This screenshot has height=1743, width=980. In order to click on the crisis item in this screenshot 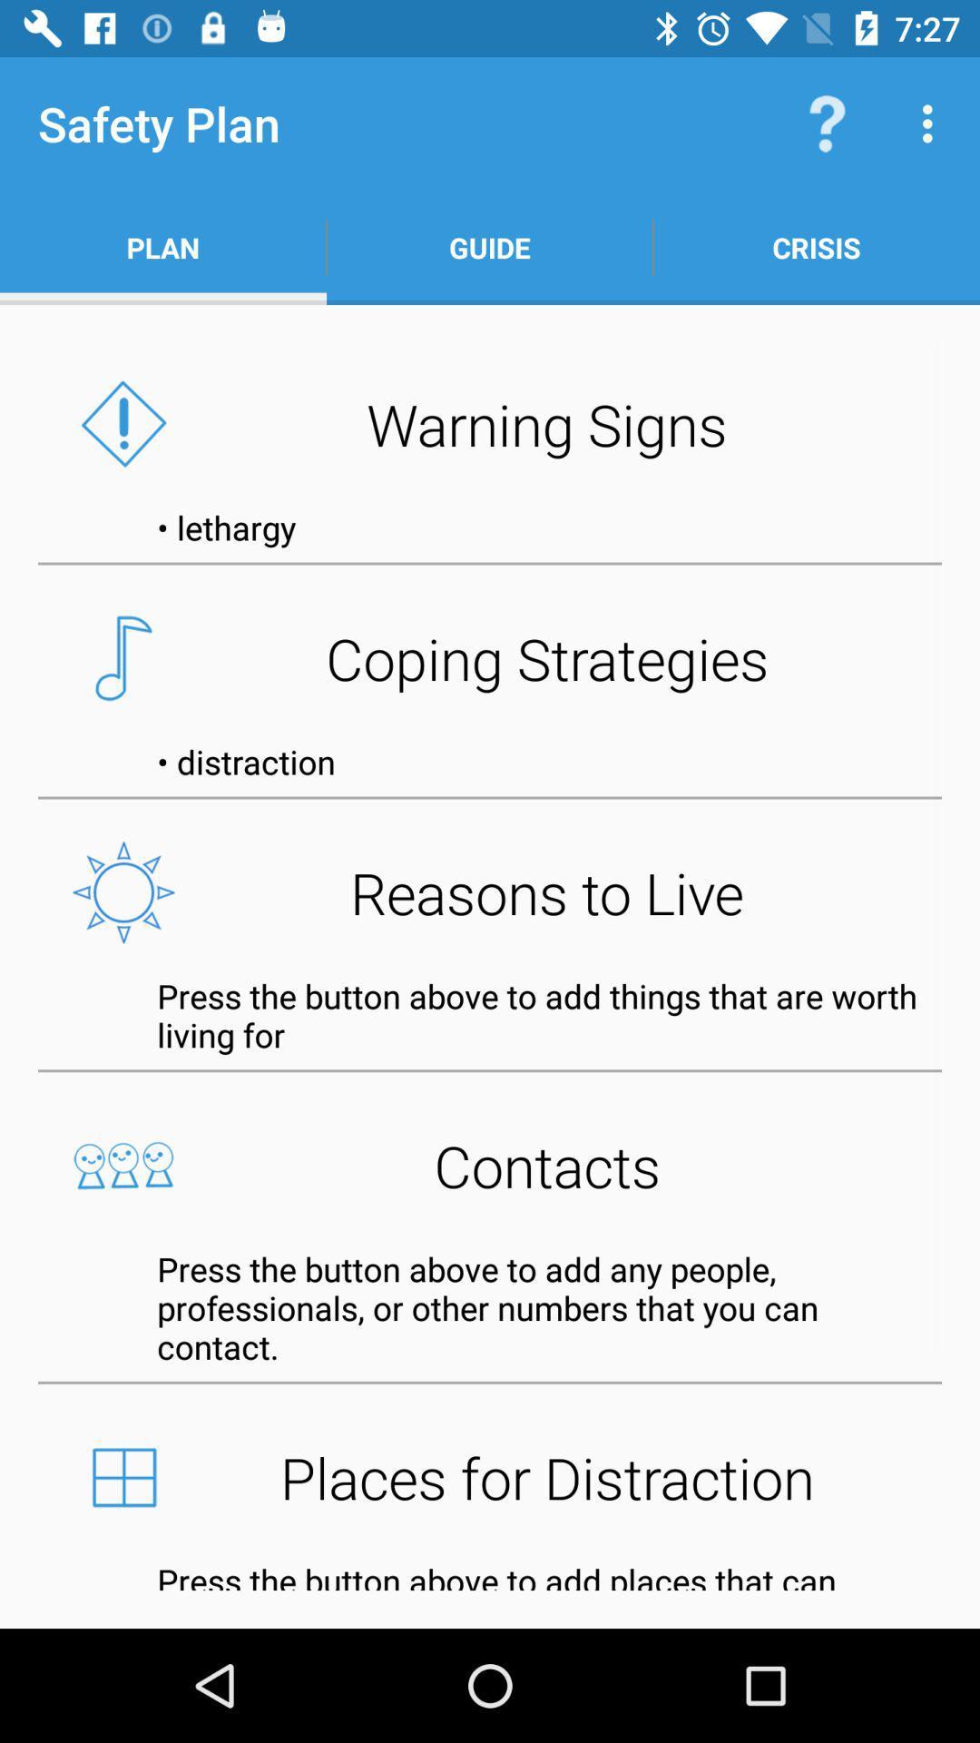, I will do `click(815, 247)`.